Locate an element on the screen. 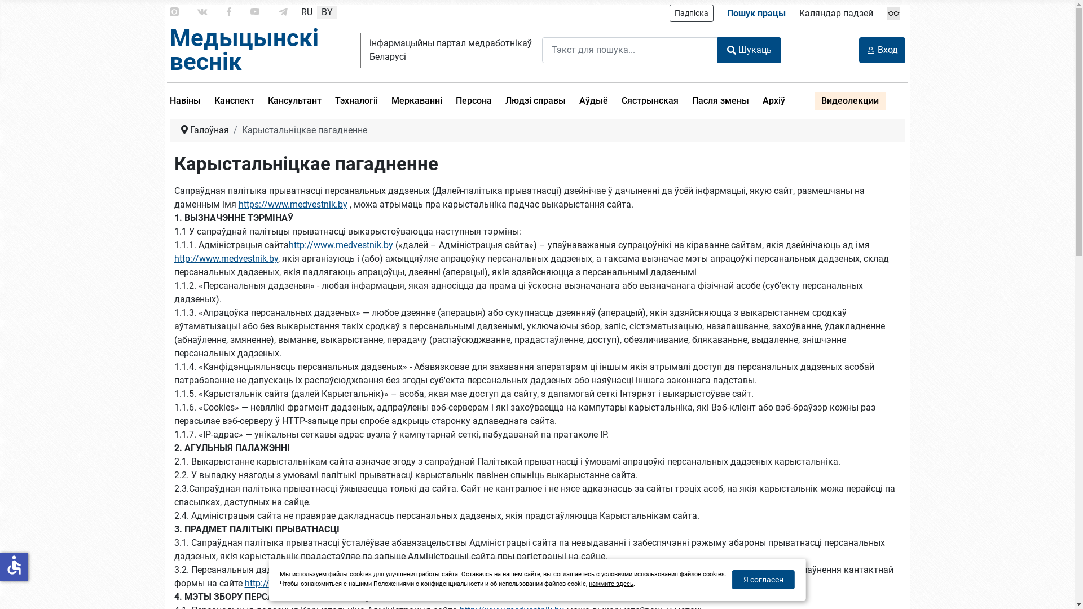 The image size is (1083, 609). 'RU' is located at coordinates (306, 12).